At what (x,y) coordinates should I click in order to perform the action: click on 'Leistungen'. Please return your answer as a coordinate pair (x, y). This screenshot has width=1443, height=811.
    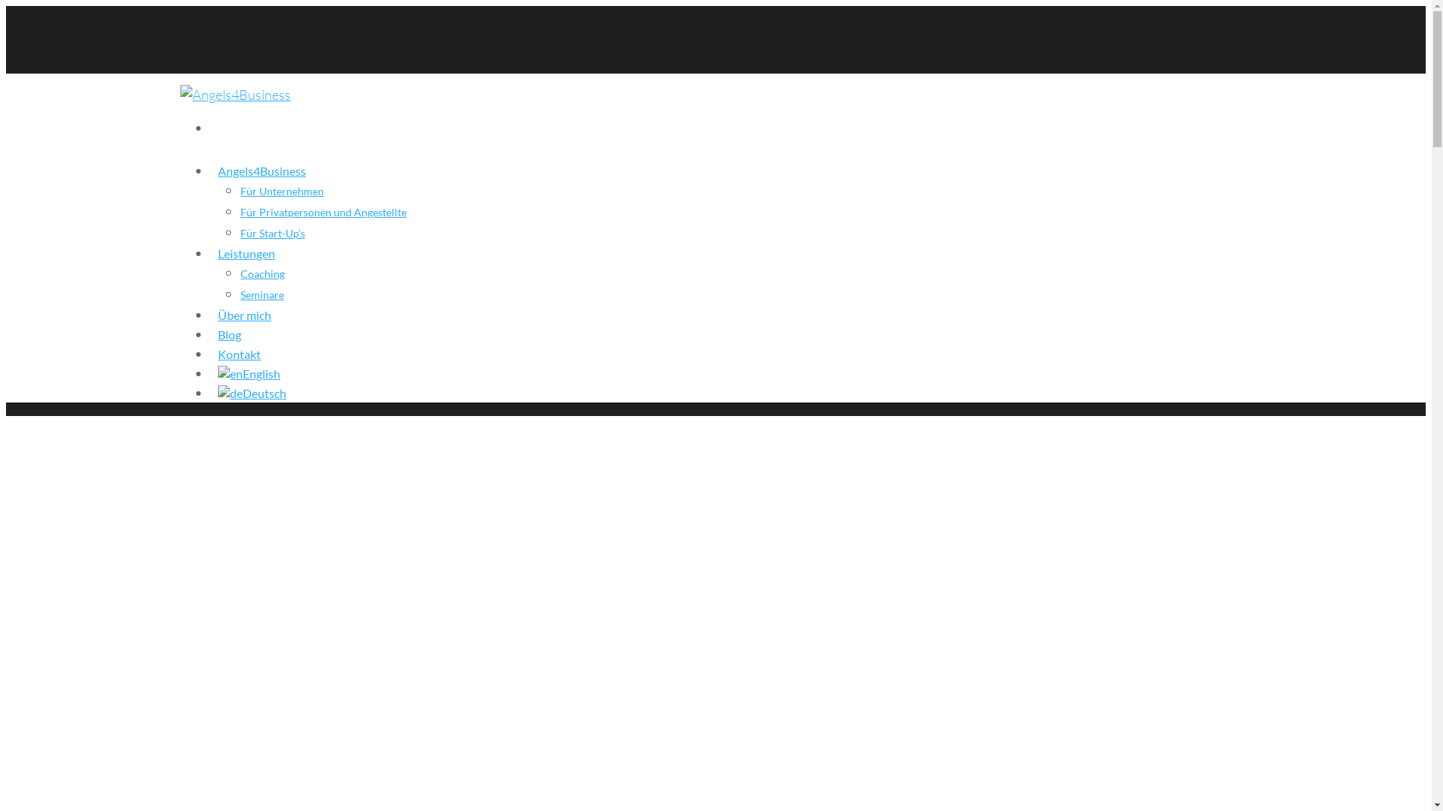
    Looking at the image, I should click on (216, 258).